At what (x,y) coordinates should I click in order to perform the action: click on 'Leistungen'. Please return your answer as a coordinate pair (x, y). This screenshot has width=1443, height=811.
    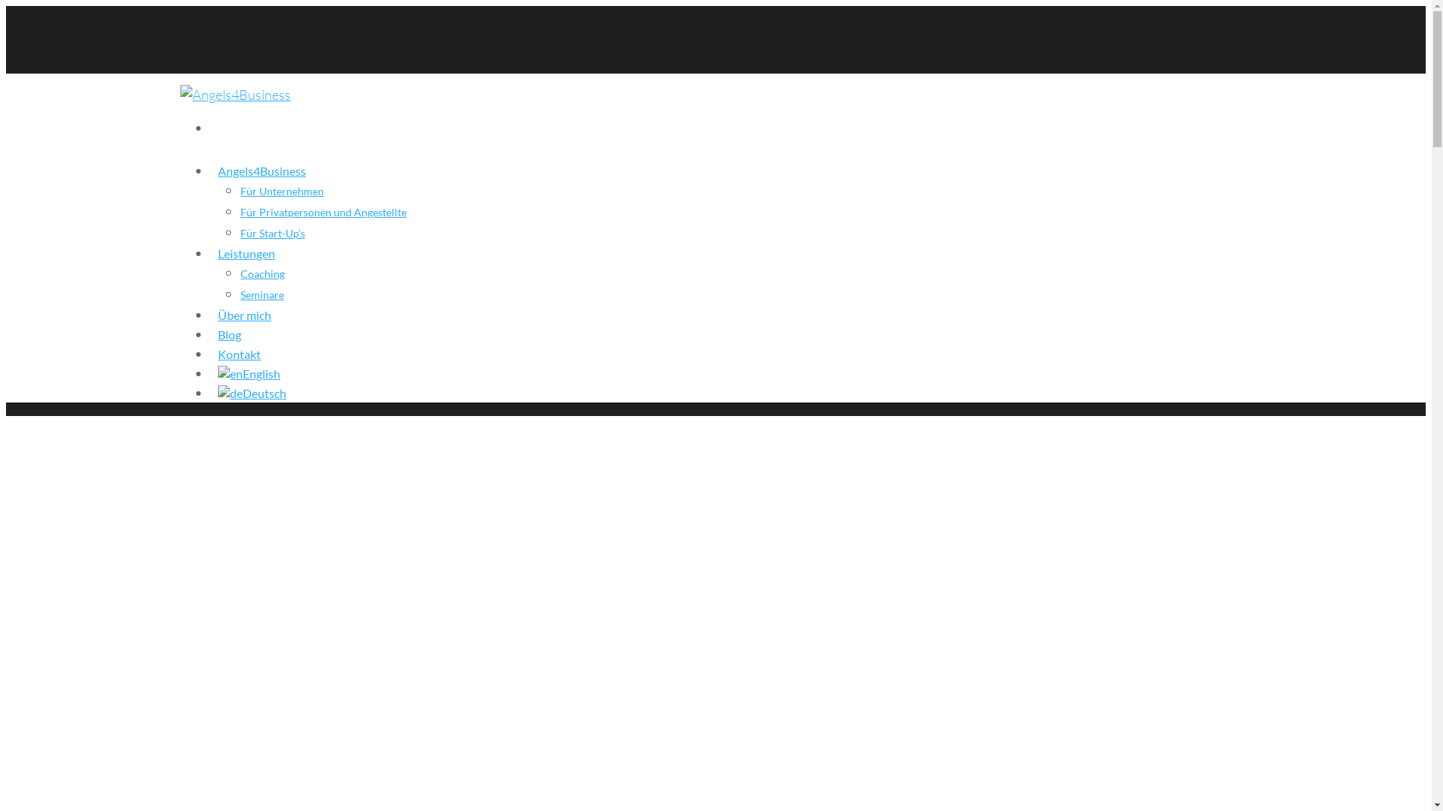
    Looking at the image, I should click on (216, 258).